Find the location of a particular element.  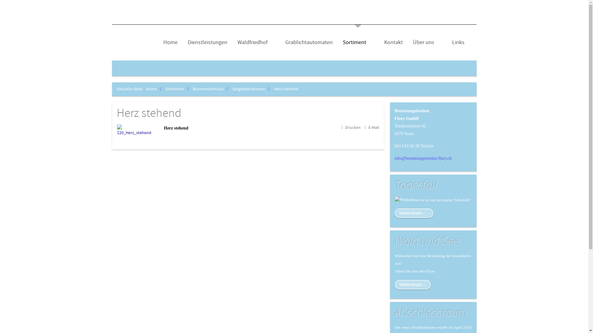

'Home' is located at coordinates (155, 89).